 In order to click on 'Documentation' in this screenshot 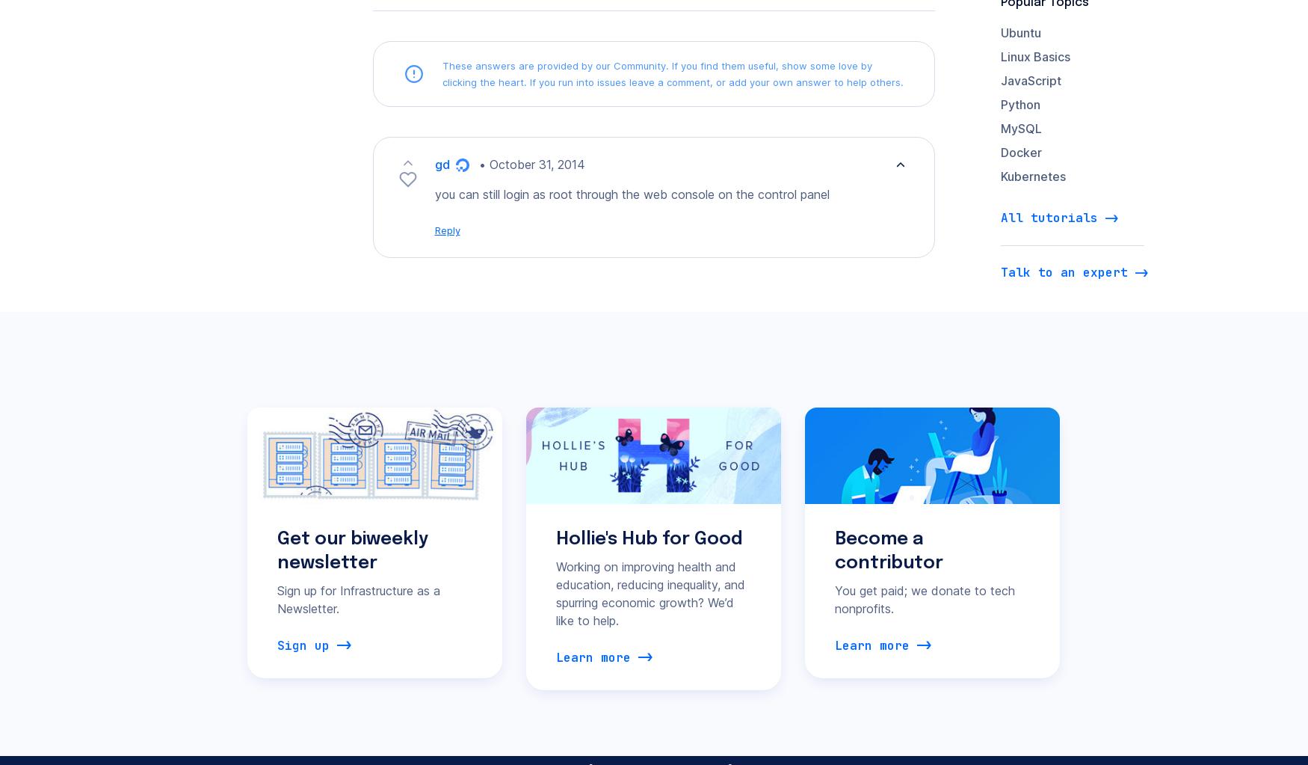, I will do `click(452, 535)`.